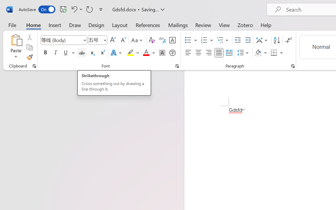  Describe the element at coordinates (162, 40) in the screenshot. I see `'Phonetic Guide...'` at that location.